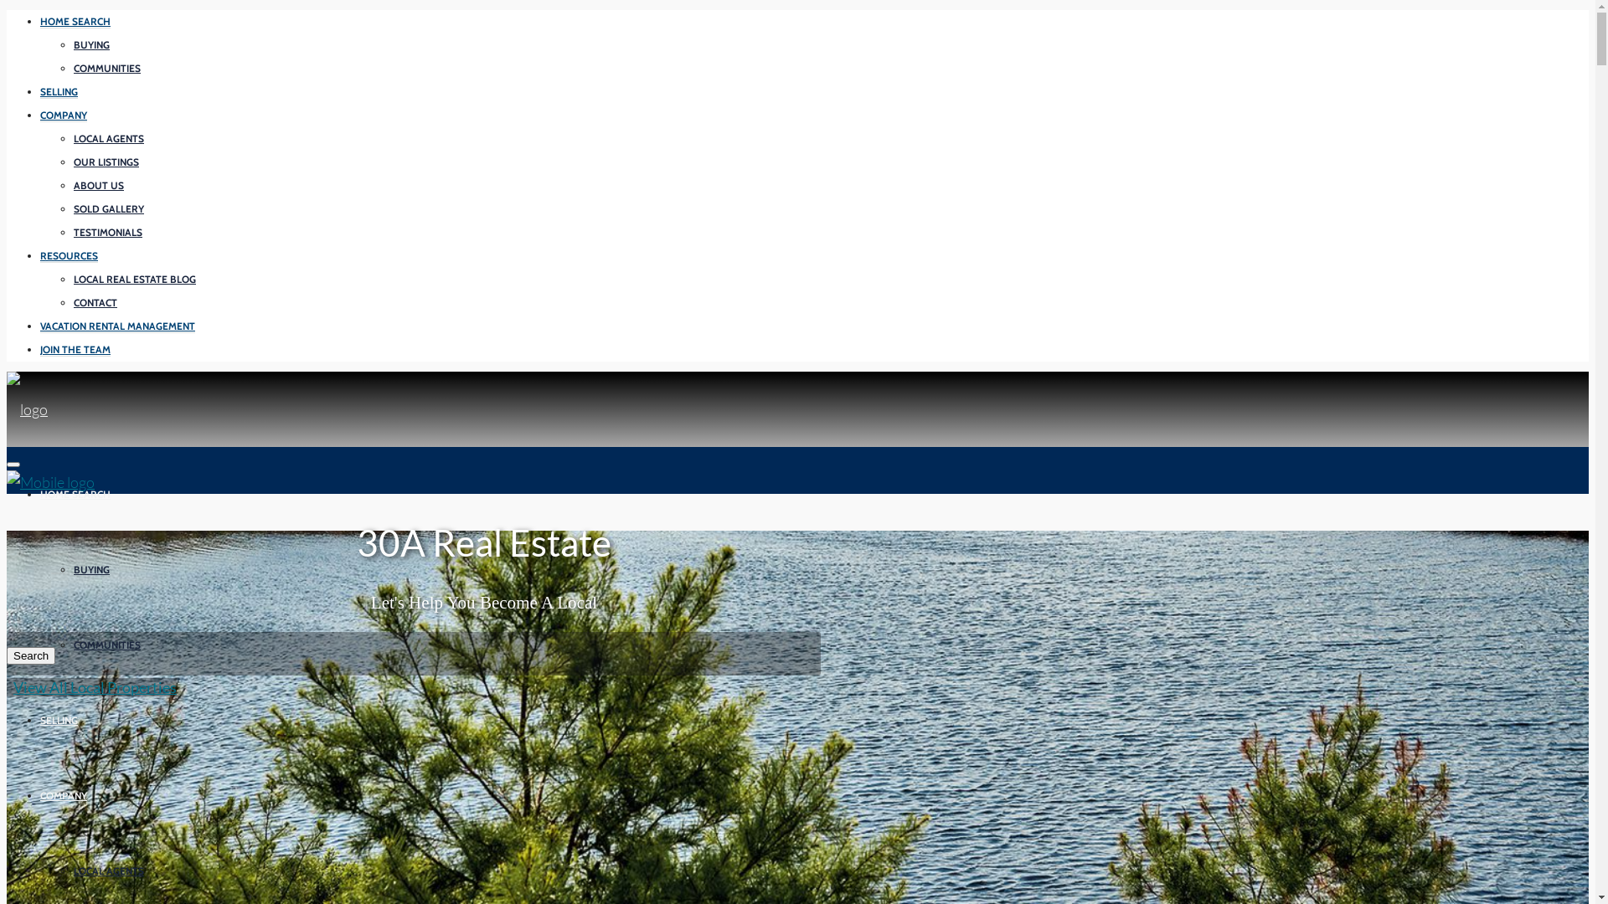  I want to click on 'RESOURCES', so click(68, 255).